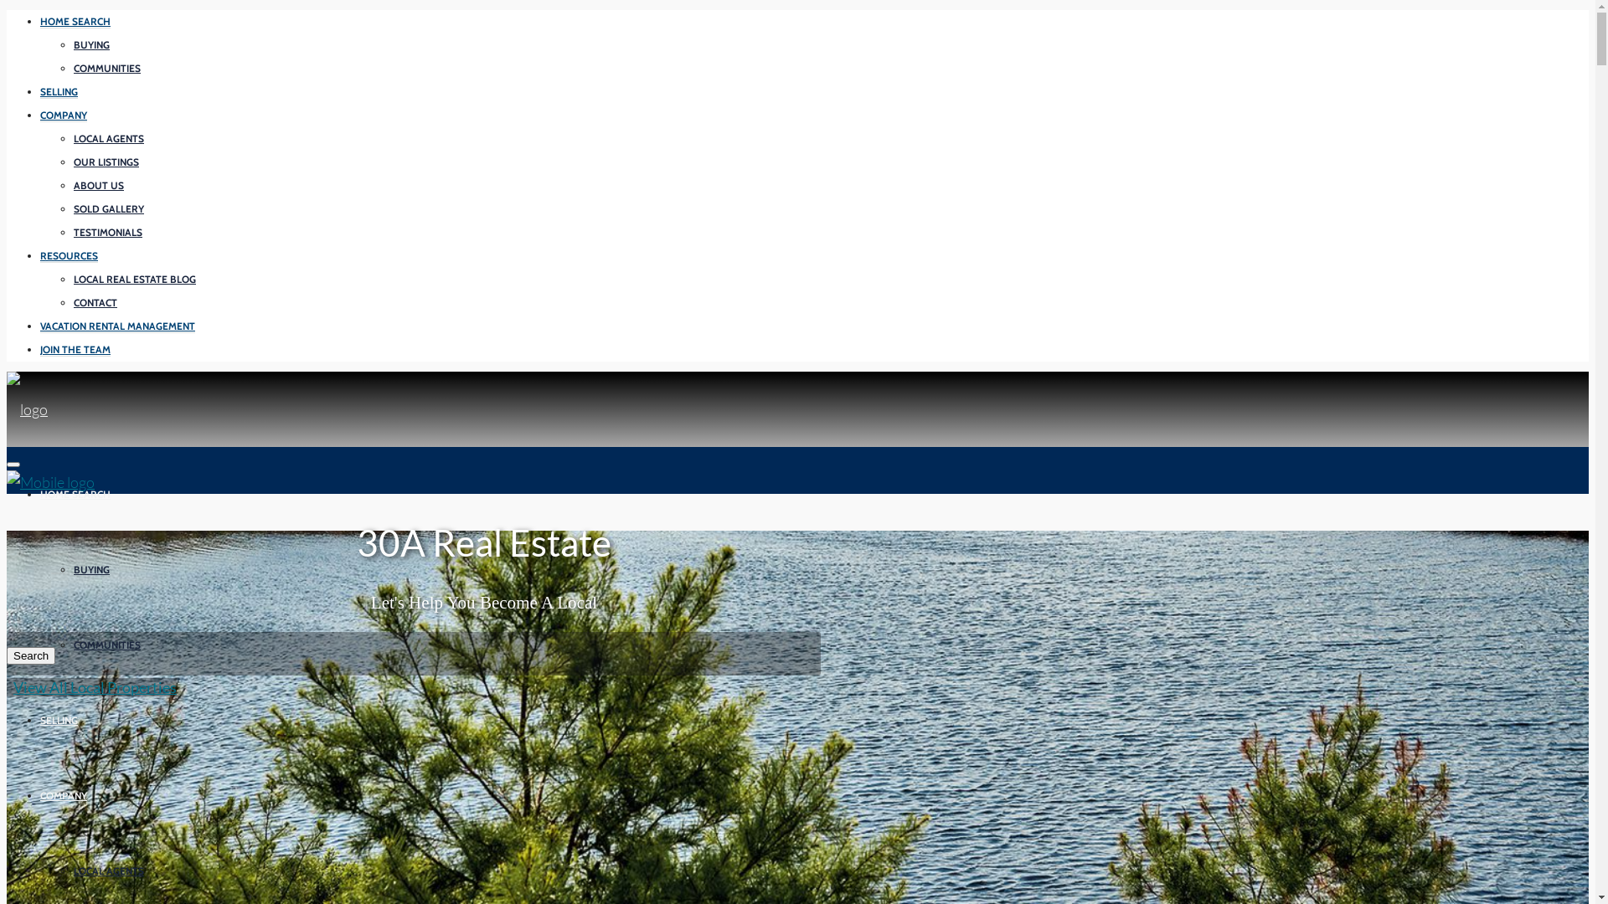  I want to click on 'RESOURCES', so click(68, 255).